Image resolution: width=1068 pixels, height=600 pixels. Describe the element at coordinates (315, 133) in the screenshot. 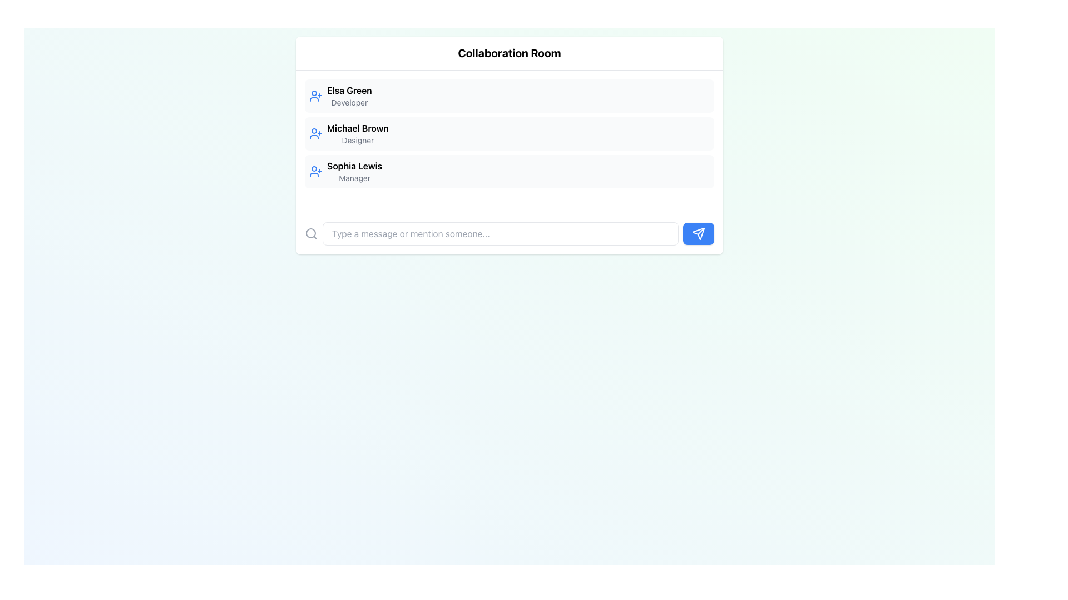

I see `the blue icon button of a person with a plus sign, located on the left side of 'Michael Brown, Designer' in the Collaboration Room section` at that location.